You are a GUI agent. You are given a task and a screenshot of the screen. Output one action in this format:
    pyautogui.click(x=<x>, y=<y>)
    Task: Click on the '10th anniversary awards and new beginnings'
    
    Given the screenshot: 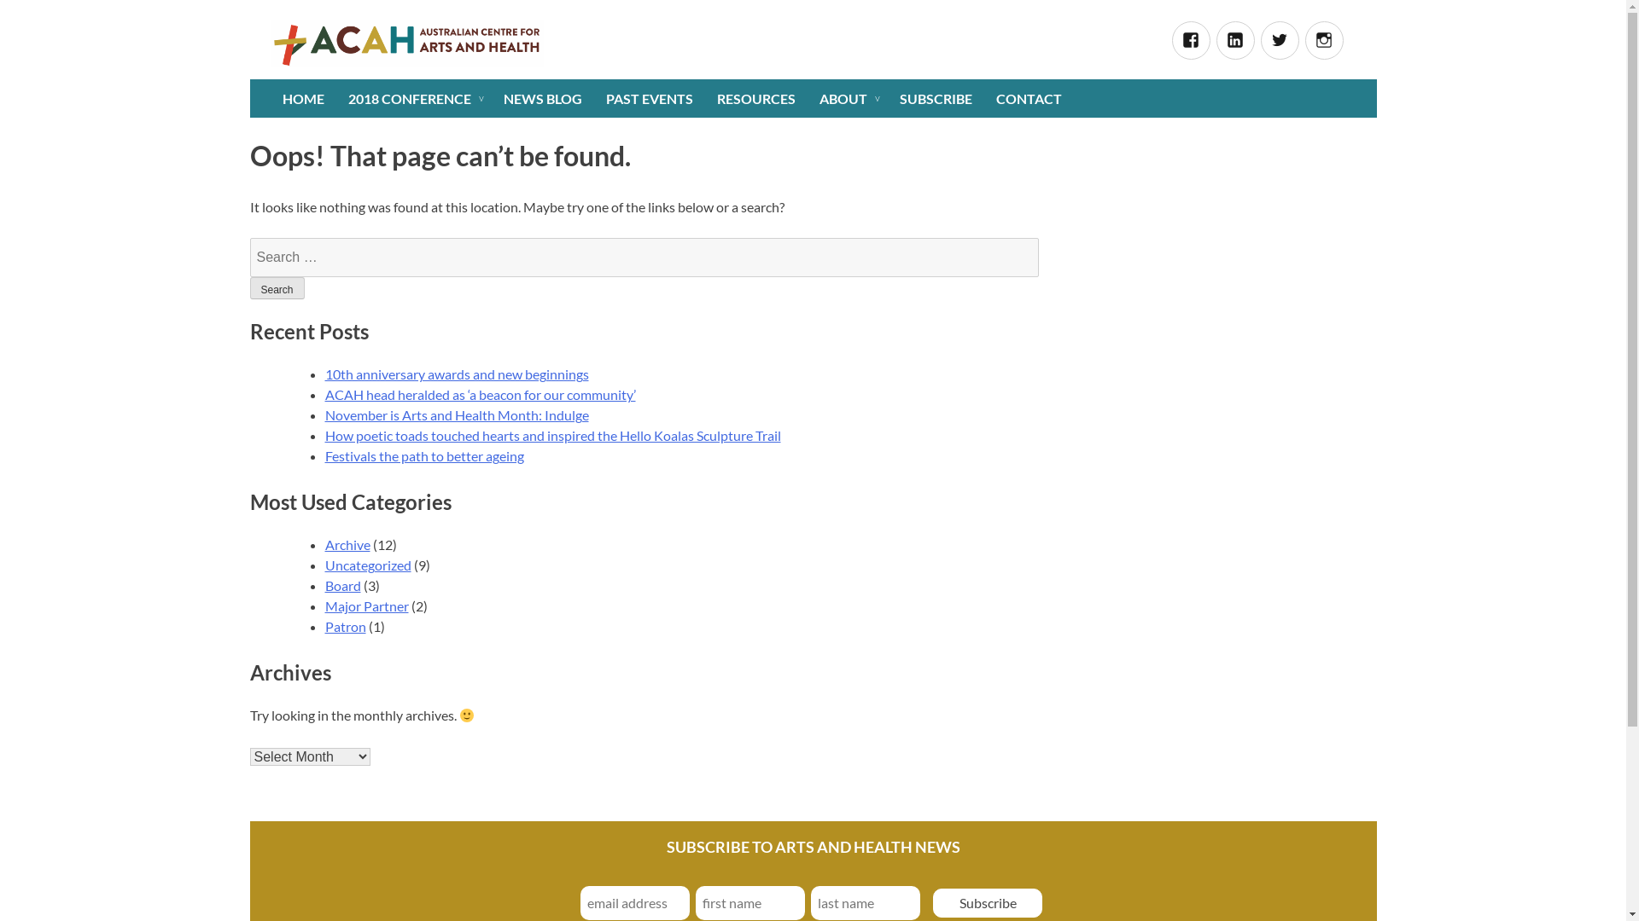 What is the action you would take?
    pyautogui.click(x=456, y=373)
    